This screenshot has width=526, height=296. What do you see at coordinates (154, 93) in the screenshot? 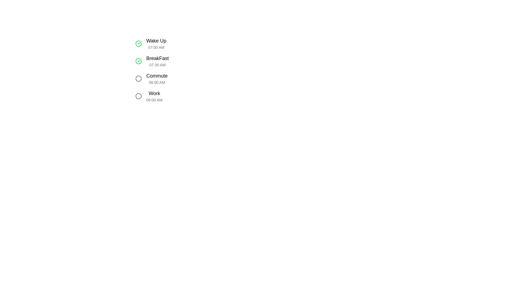
I see `the text label reading 'Work', which is the last item in a vertical list of entries including 'Commute'` at bounding box center [154, 93].